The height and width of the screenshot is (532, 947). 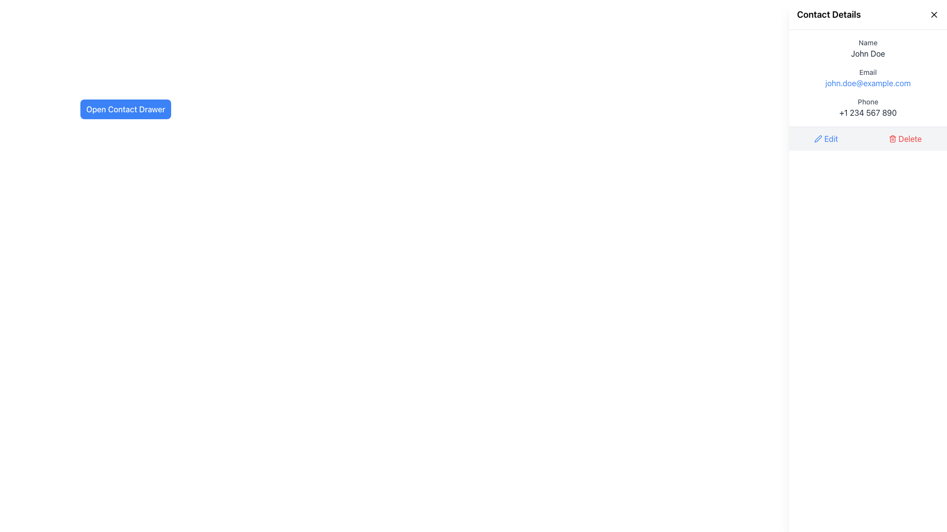 I want to click on the 'Contact Details' text label, which is a prominent element in bold, large font located at the top-right corner of the interface, so click(x=829, y=15).